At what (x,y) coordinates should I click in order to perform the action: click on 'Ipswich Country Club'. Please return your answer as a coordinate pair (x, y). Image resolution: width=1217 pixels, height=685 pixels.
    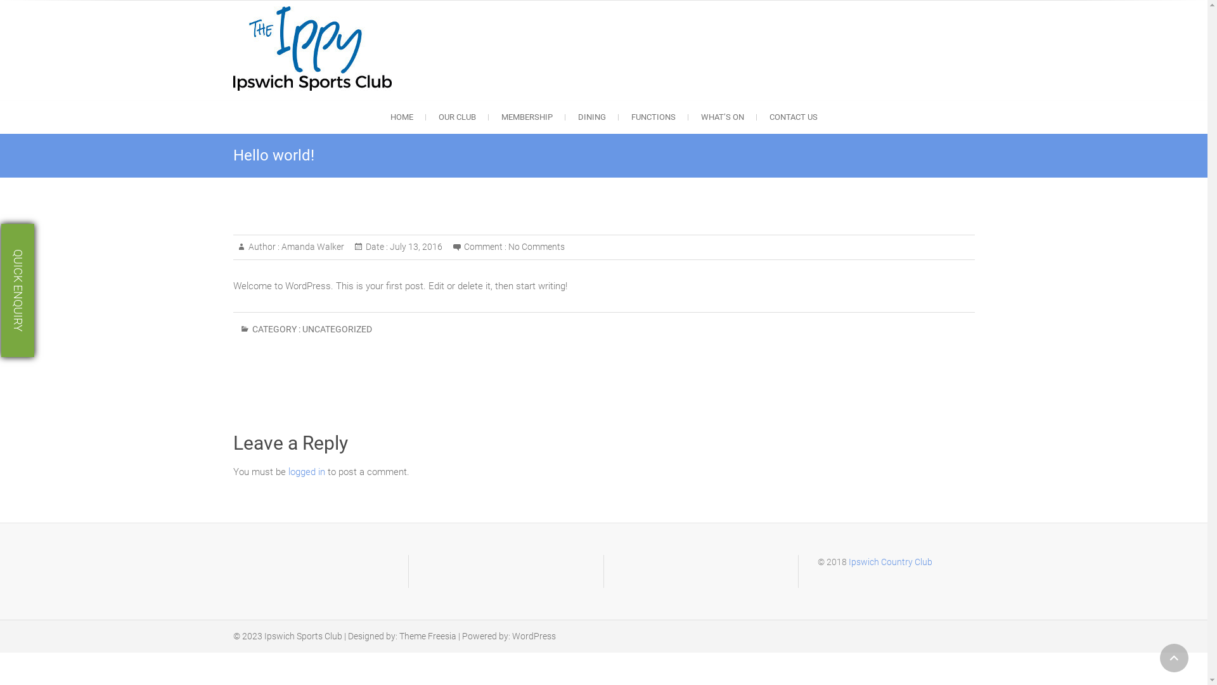
    Looking at the image, I should click on (849, 561).